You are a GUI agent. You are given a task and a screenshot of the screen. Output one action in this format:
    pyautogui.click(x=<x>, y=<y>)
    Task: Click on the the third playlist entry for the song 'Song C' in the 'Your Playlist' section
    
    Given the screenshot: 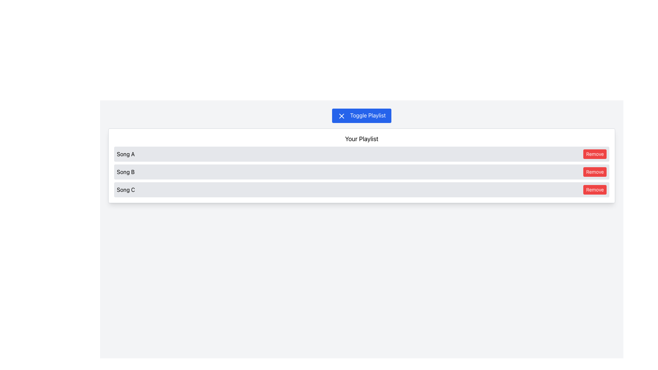 What is the action you would take?
    pyautogui.click(x=361, y=189)
    